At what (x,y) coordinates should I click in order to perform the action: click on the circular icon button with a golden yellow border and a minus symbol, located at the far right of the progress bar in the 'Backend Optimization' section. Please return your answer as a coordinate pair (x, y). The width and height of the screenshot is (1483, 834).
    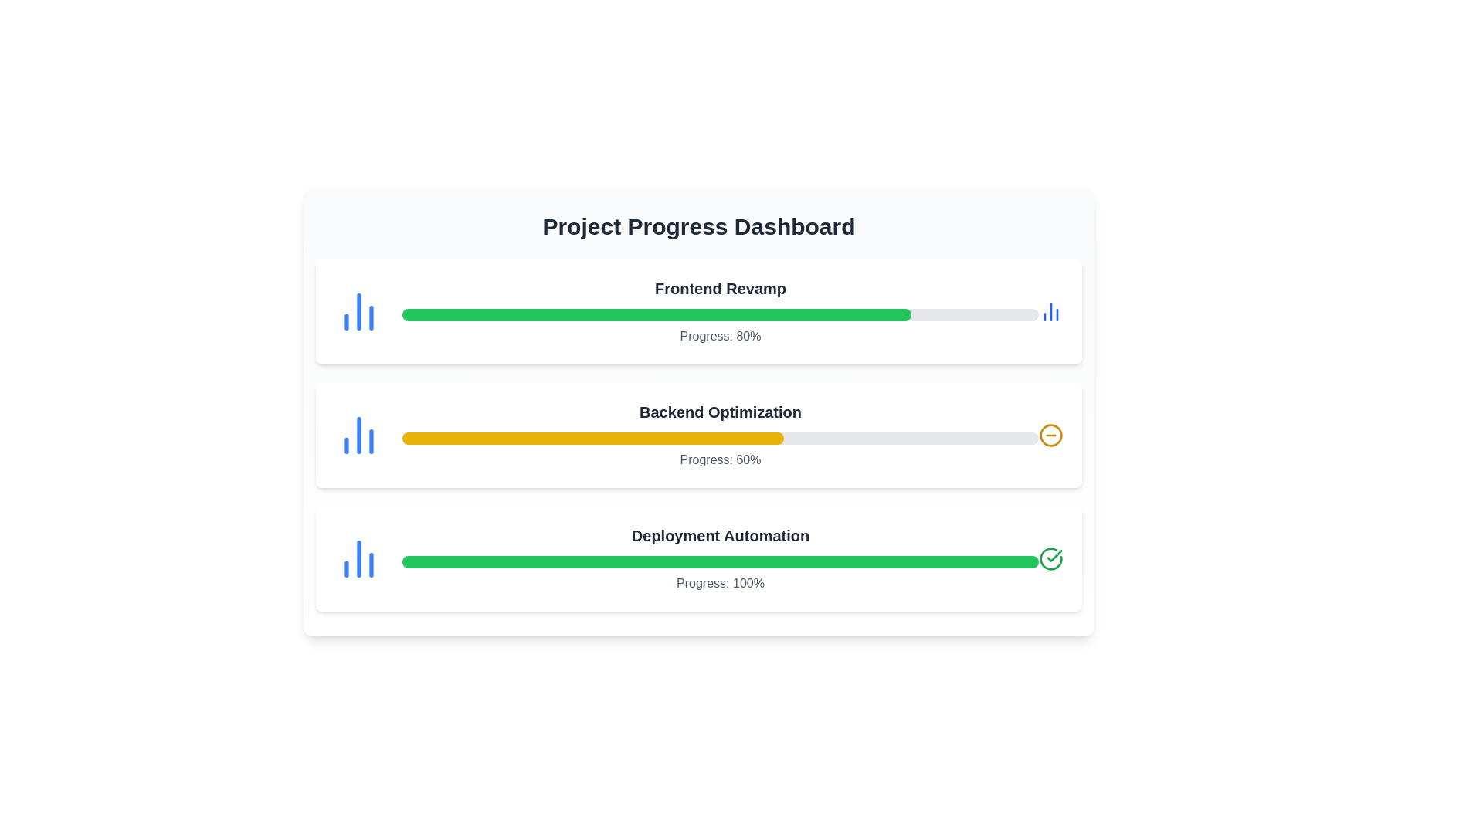
    Looking at the image, I should click on (1050, 435).